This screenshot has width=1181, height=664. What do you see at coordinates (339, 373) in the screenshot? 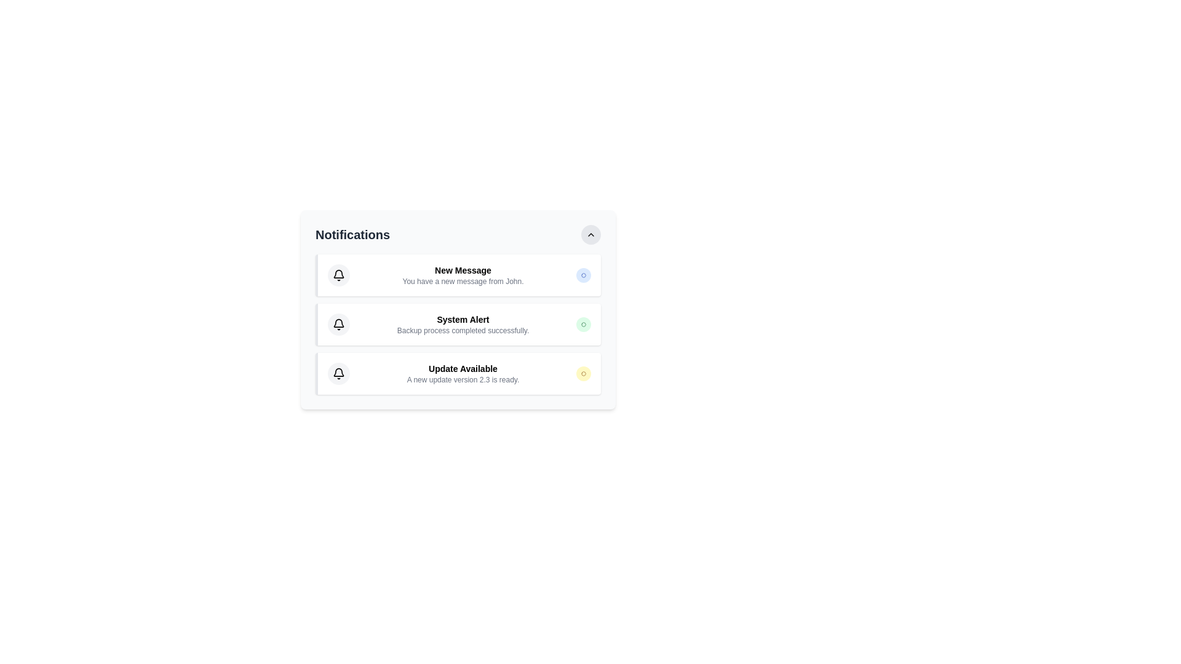
I see `the notification icon located at the top left corner of the 'Update Available' notification card, adjacent to the text 'Update Available'` at bounding box center [339, 373].